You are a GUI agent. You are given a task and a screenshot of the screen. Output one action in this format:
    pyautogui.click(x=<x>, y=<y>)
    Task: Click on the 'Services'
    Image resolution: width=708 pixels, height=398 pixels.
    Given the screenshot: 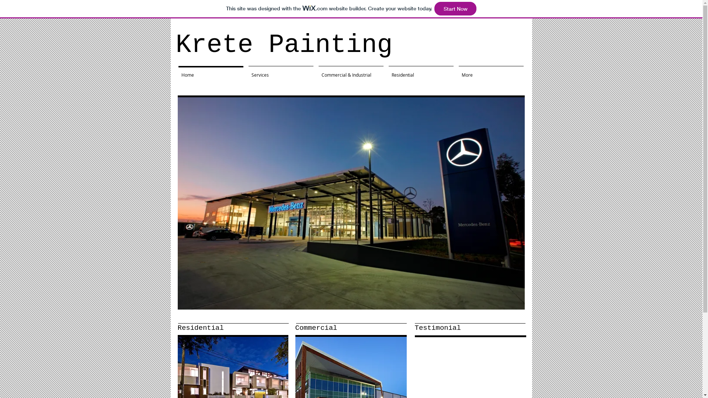 What is the action you would take?
    pyautogui.click(x=280, y=71)
    